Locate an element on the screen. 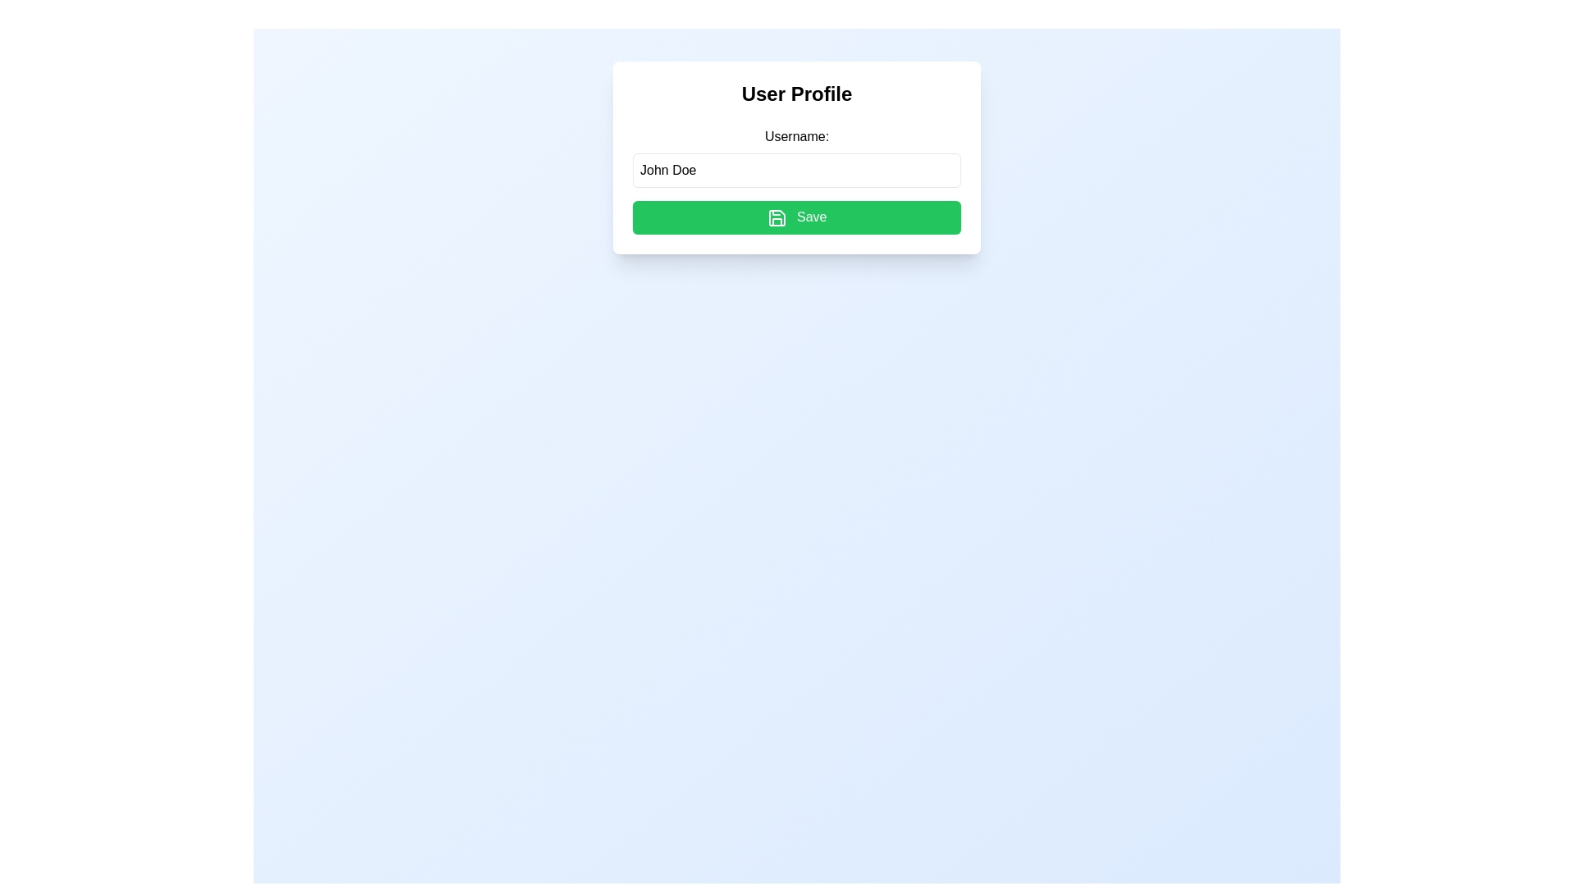  the save icon, which is a small green disk motif located below the Username text input field on the User Profile form is located at coordinates (776, 217).